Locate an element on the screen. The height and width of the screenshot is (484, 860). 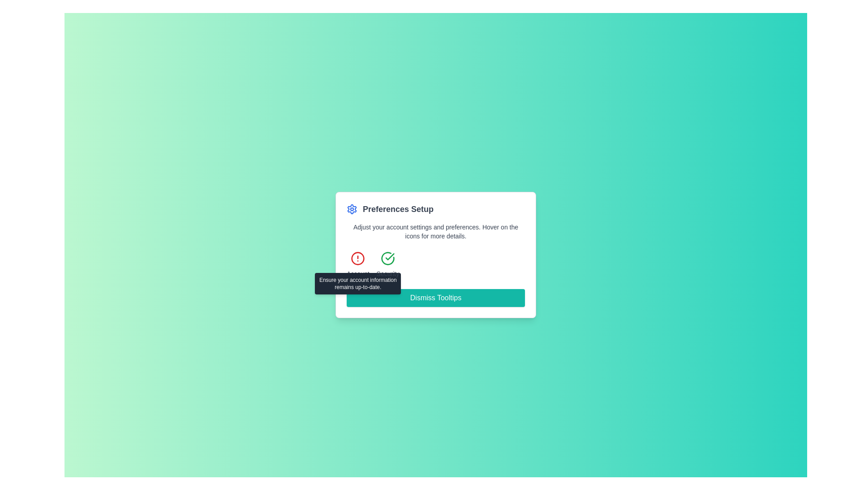
the warning icon located within the 'Preferences Setup' modal, positioned to the left of the green checkmark icon is located at coordinates (357, 259).